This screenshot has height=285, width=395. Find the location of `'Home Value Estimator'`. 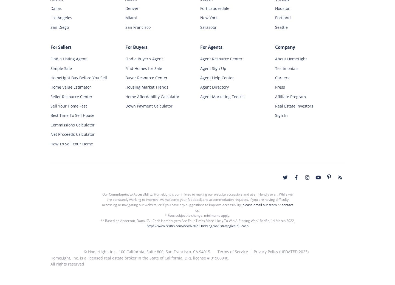

'Home Value Estimator' is located at coordinates (70, 87).